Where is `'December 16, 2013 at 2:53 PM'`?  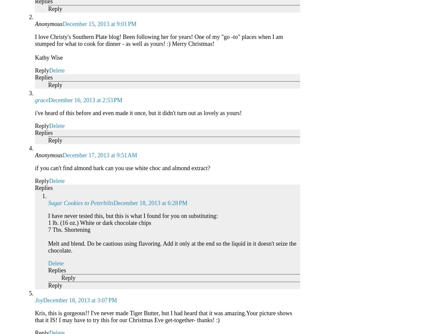
'December 16, 2013 at 2:53 PM' is located at coordinates (85, 99).